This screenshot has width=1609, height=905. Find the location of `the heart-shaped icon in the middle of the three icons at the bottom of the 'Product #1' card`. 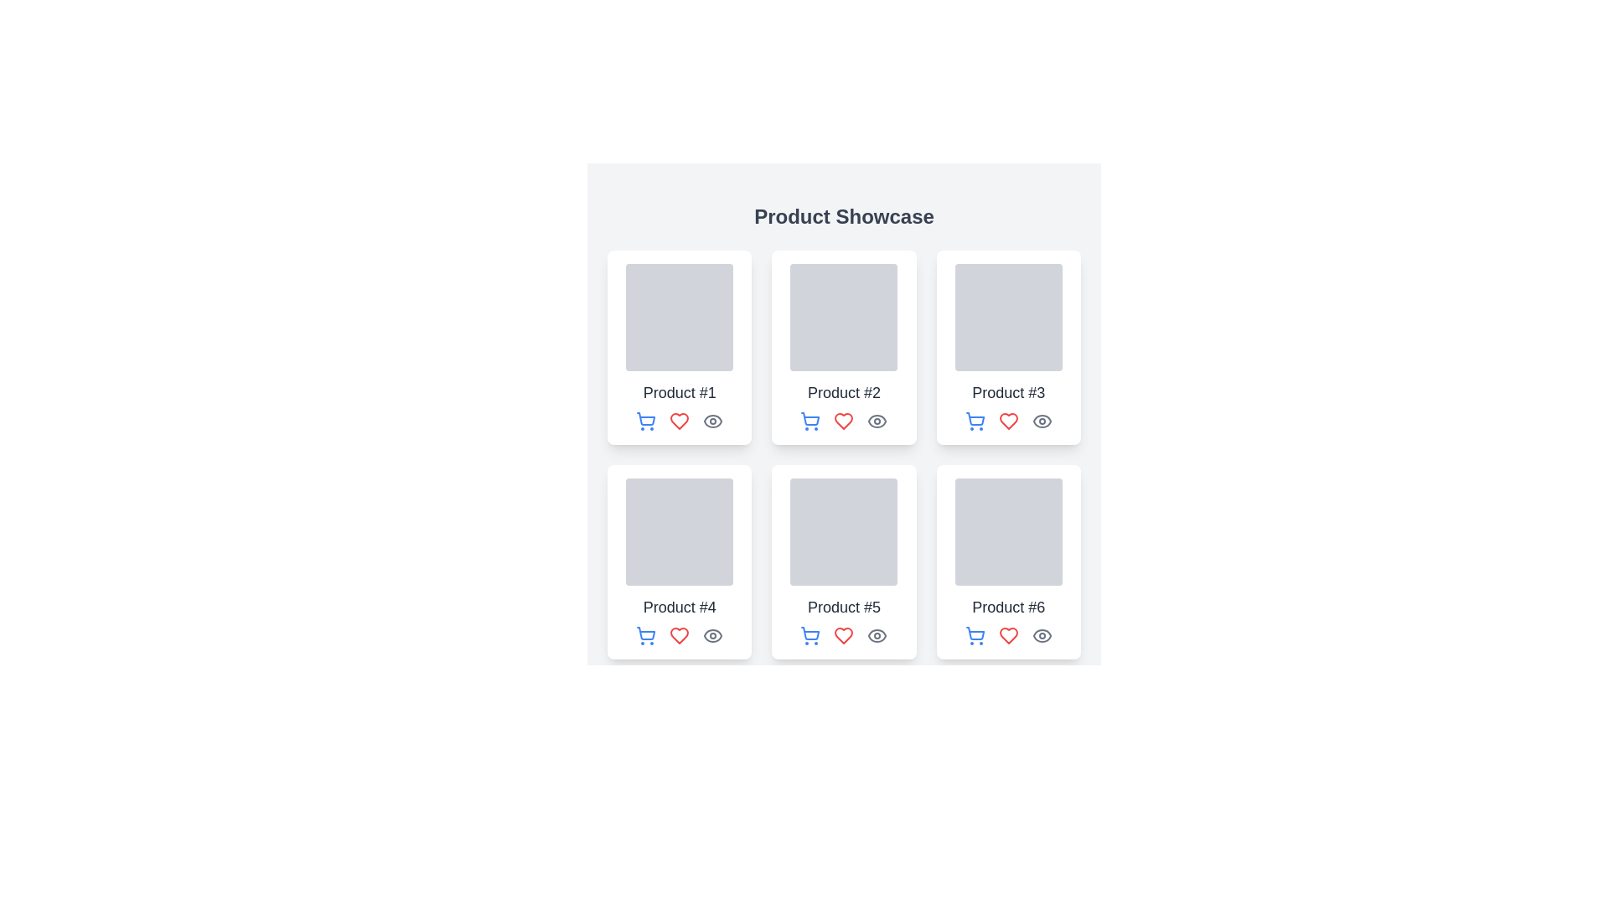

the heart-shaped icon in the middle of the three icons at the bottom of the 'Product #1' card is located at coordinates (680, 420).